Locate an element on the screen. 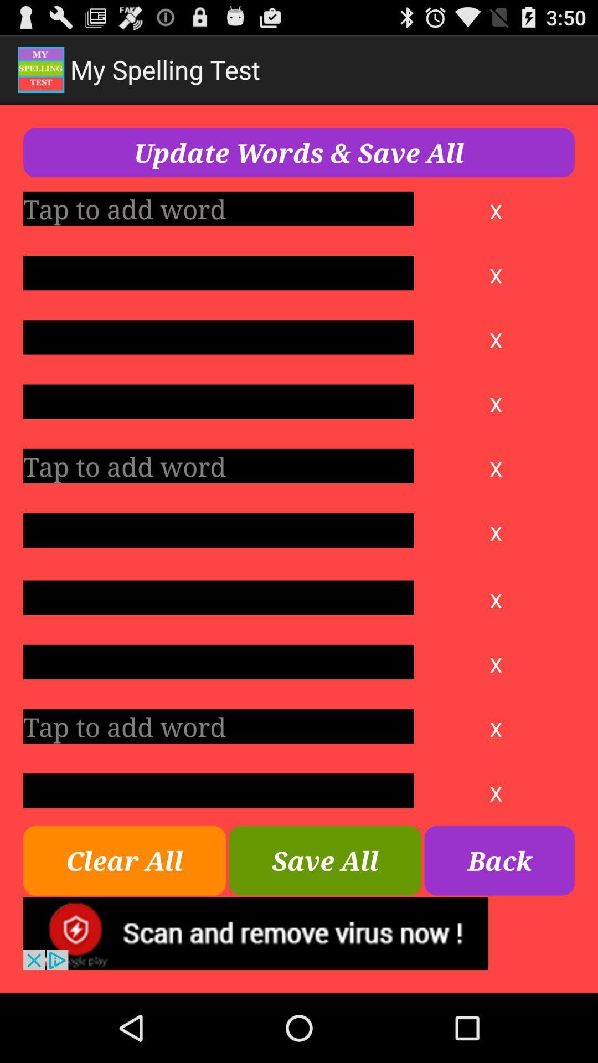 The width and height of the screenshot is (598, 1063). tap to add is located at coordinates (218, 208).